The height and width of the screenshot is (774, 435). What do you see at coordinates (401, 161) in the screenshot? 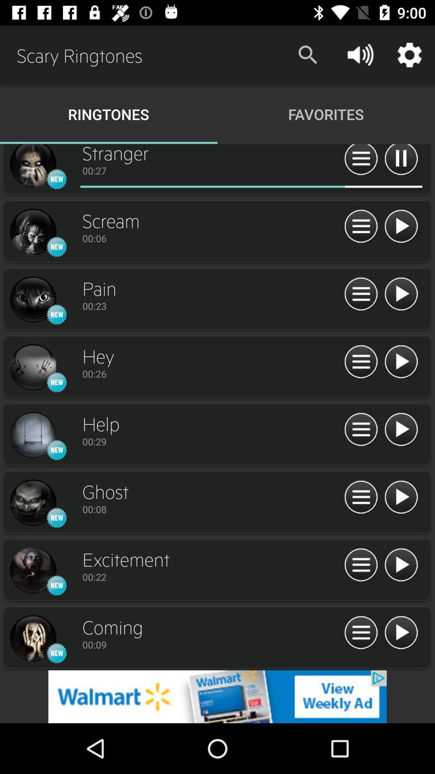
I see `pause` at bounding box center [401, 161].